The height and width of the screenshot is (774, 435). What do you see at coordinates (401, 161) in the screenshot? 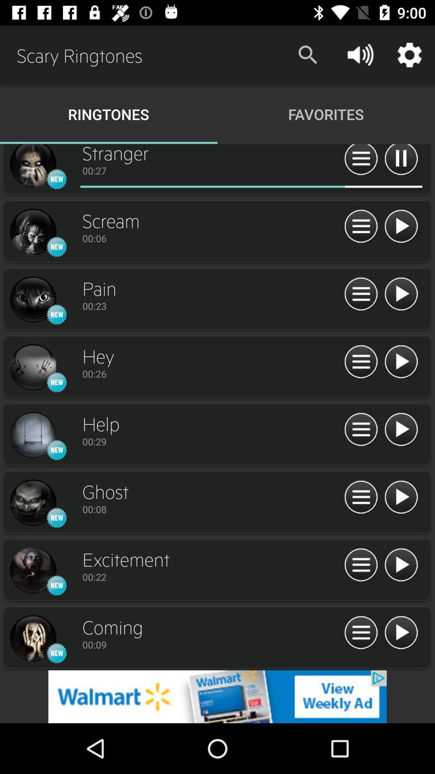
I see `pause` at bounding box center [401, 161].